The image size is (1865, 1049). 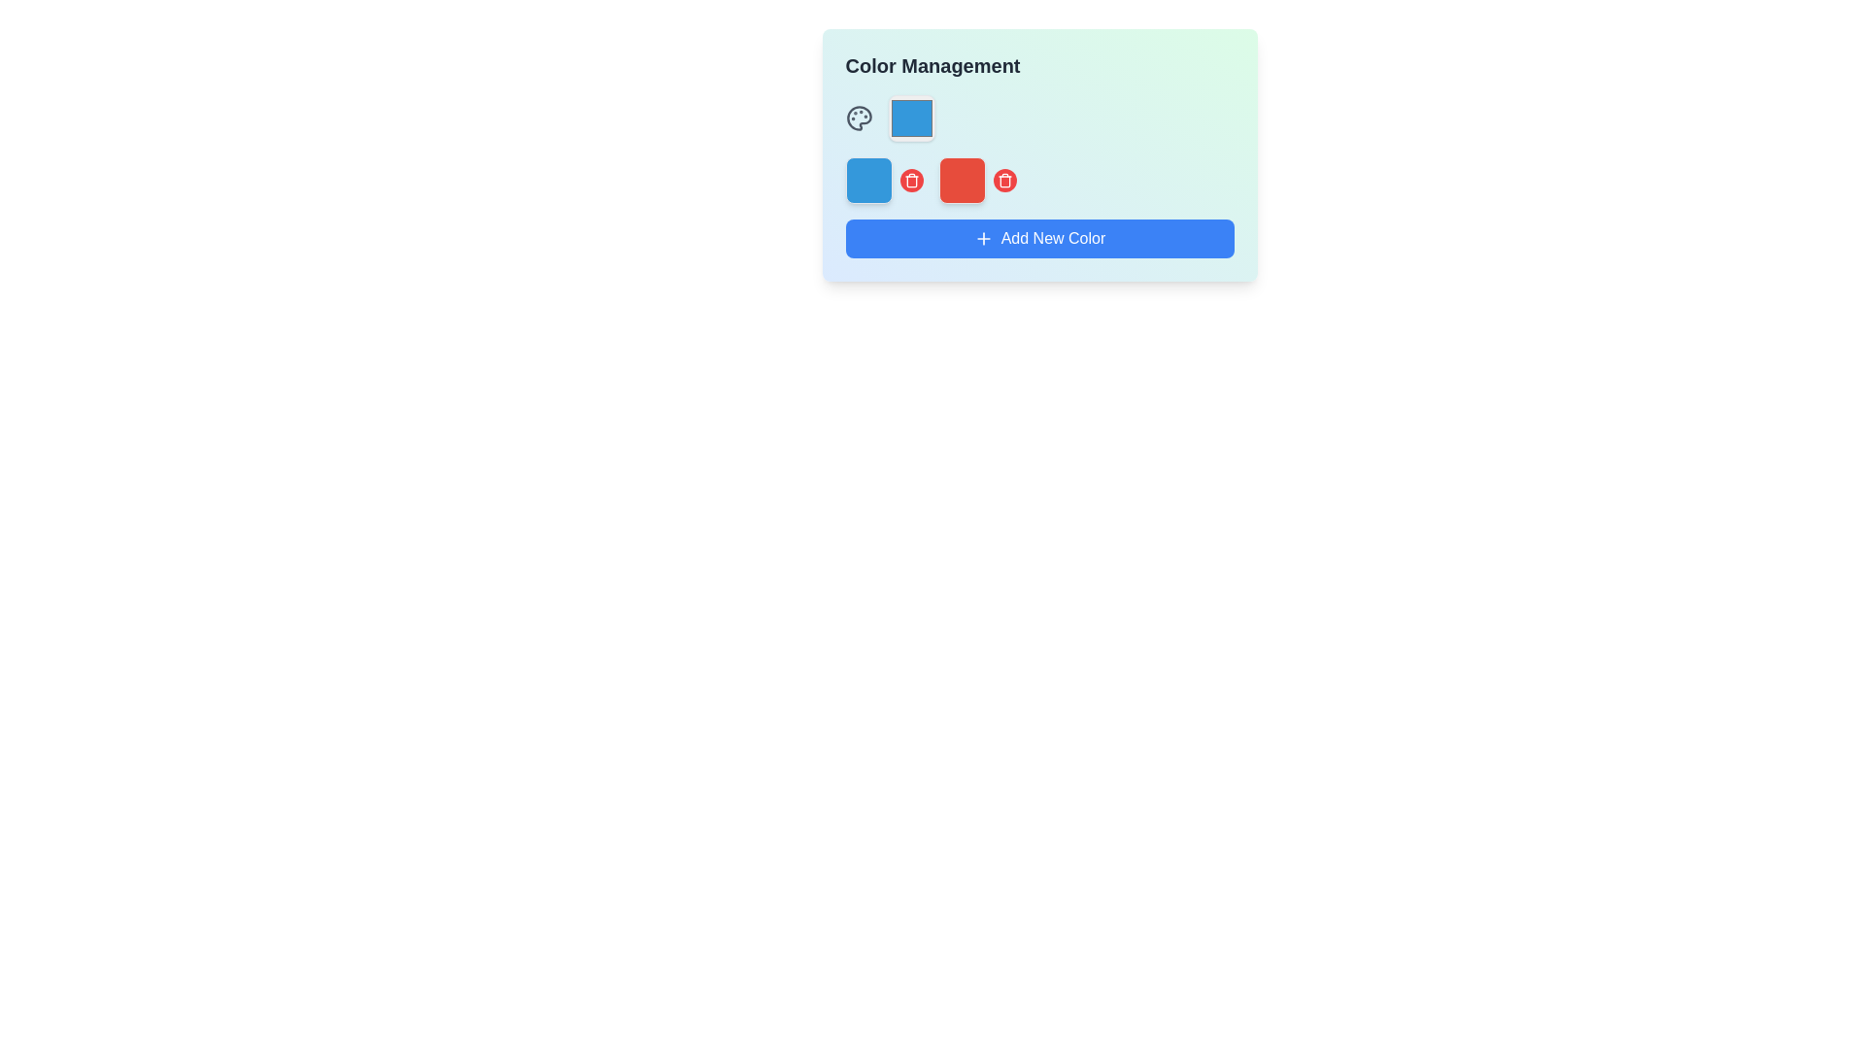 What do you see at coordinates (962, 180) in the screenshot?
I see `the small, square red UI component with rounded corners located between a blue square and a circular bin icon` at bounding box center [962, 180].